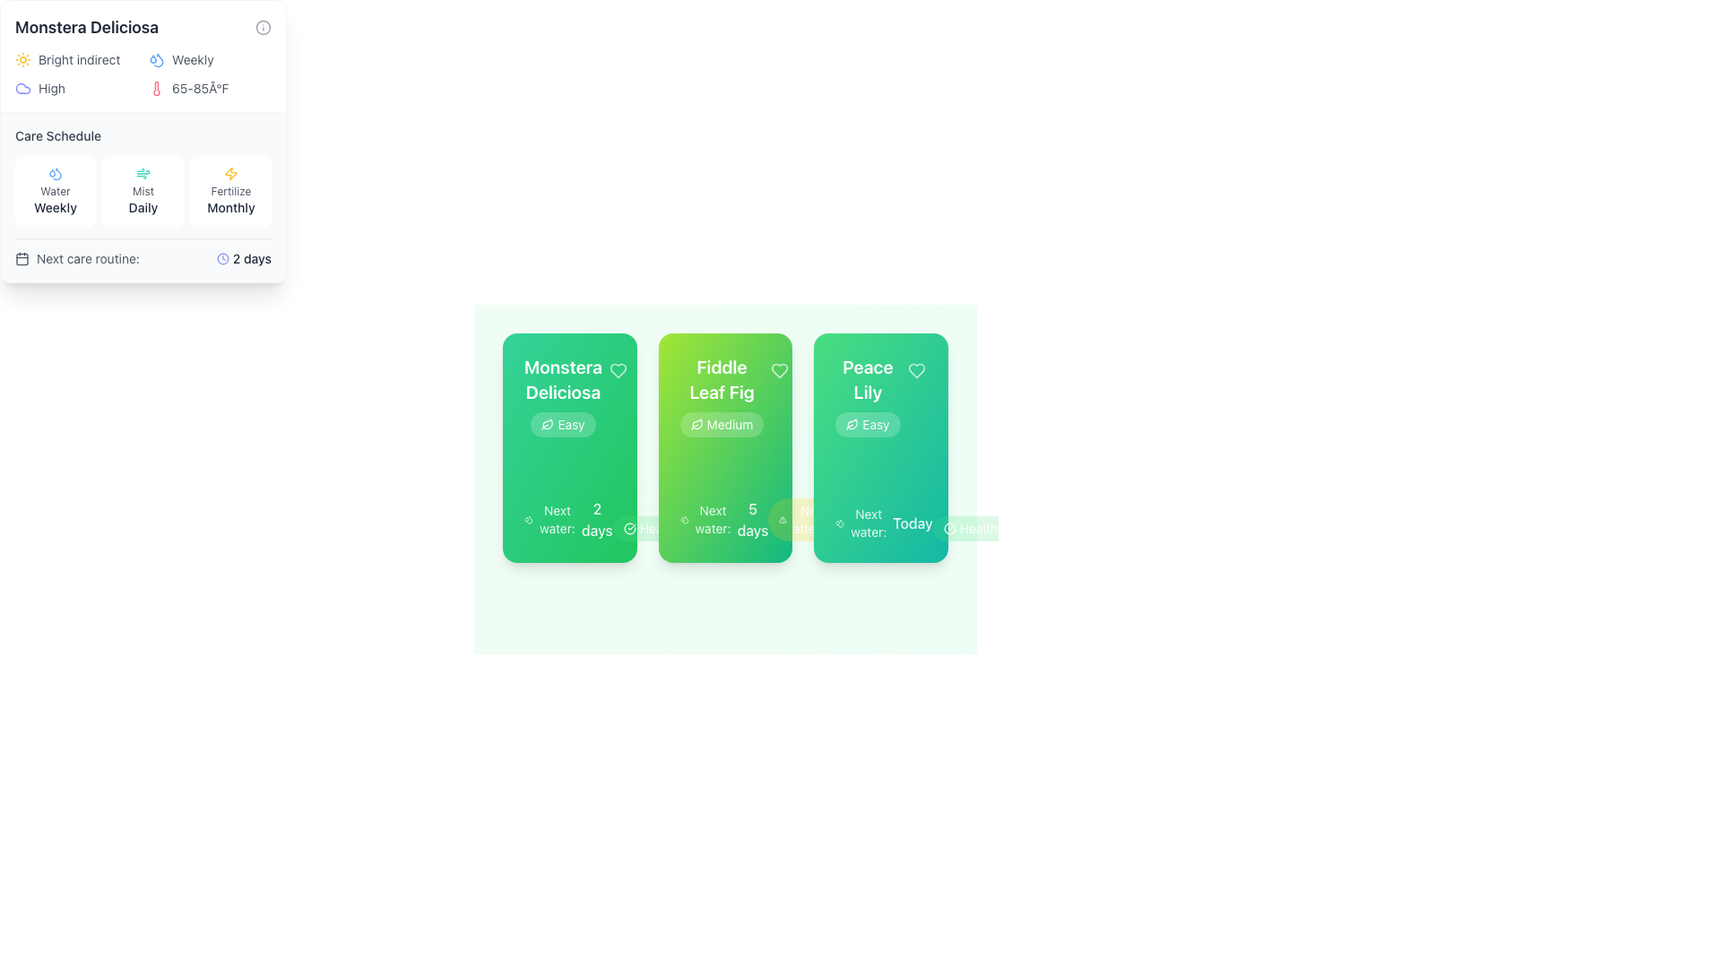  Describe the element at coordinates (562, 425) in the screenshot. I see `the content of the 'Easy' care label for the 'Monstera Deliciosa' plant, located in the bottom left portion of the card, below the title and above the watering schedule details` at that location.